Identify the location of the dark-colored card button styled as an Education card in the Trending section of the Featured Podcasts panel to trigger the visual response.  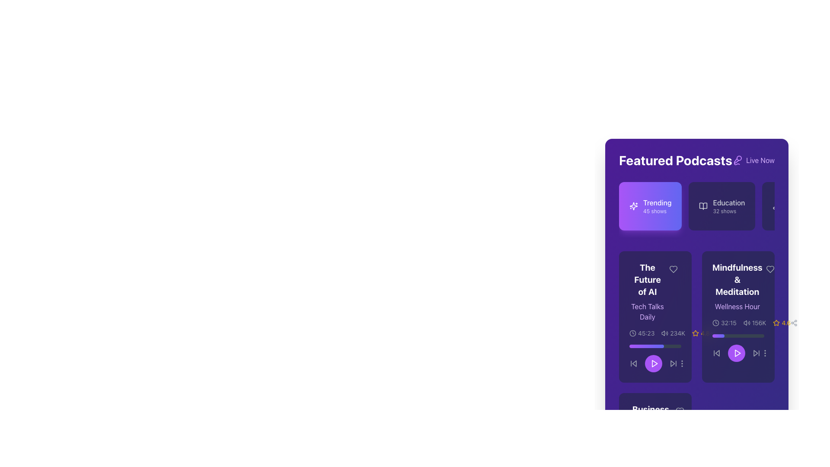
(697, 210).